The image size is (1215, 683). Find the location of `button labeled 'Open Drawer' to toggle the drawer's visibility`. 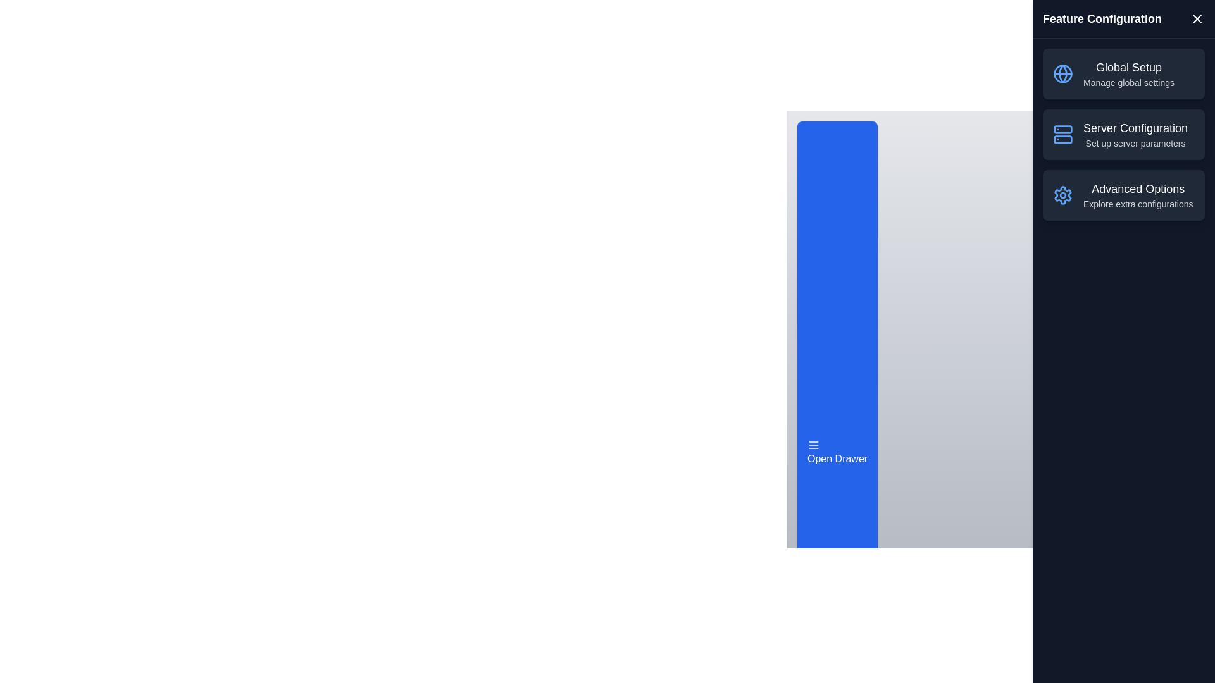

button labeled 'Open Drawer' to toggle the drawer's visibility is located at coordinates (837, 452).